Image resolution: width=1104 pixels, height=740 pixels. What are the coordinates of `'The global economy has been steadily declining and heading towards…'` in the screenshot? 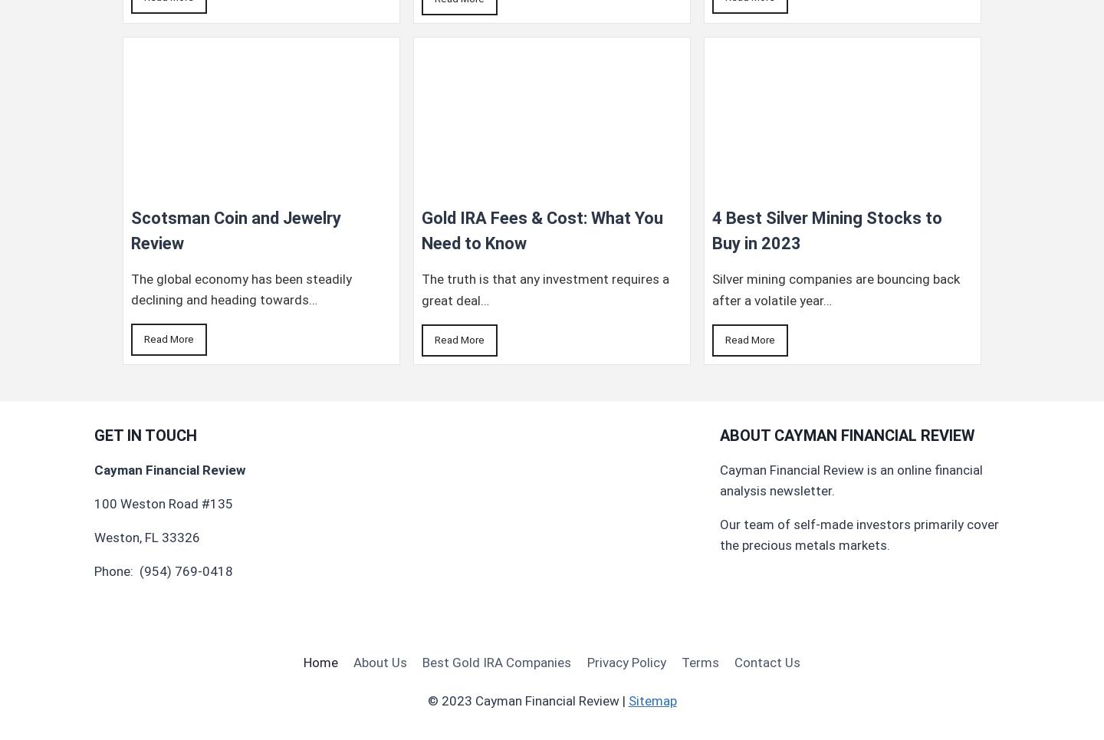 It's located at (242, 288).